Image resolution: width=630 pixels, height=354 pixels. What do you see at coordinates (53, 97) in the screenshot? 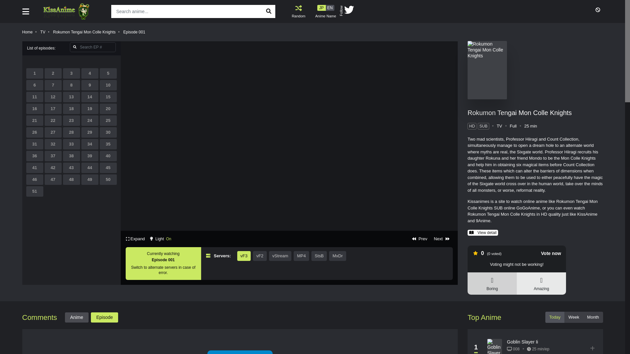
I see `'12'` at bounding box center [53, 97].